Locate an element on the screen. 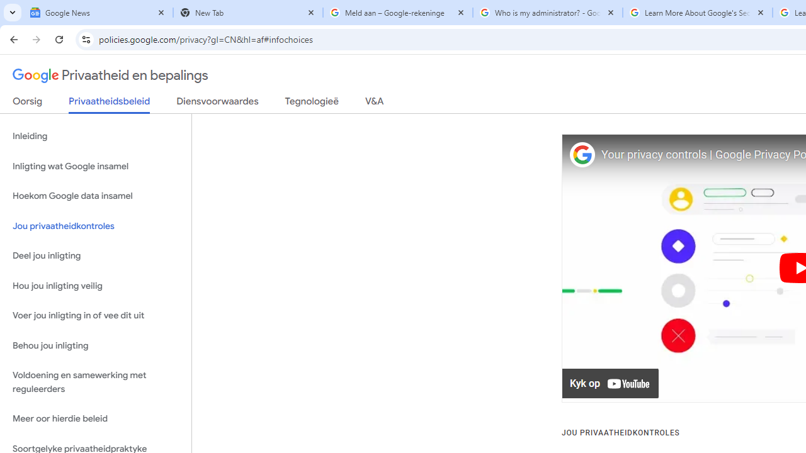  'New Tab' is located at coordinates (248, 13).